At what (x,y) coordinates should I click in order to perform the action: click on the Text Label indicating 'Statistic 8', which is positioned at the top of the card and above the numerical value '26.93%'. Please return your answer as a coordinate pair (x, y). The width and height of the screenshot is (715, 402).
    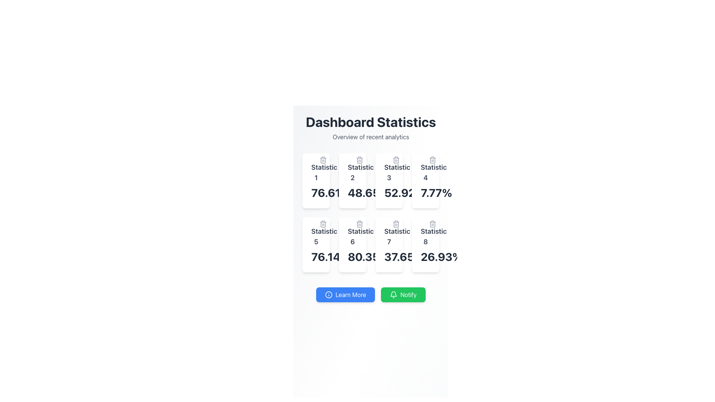
    Looking at the image, I should click on (425, 237).